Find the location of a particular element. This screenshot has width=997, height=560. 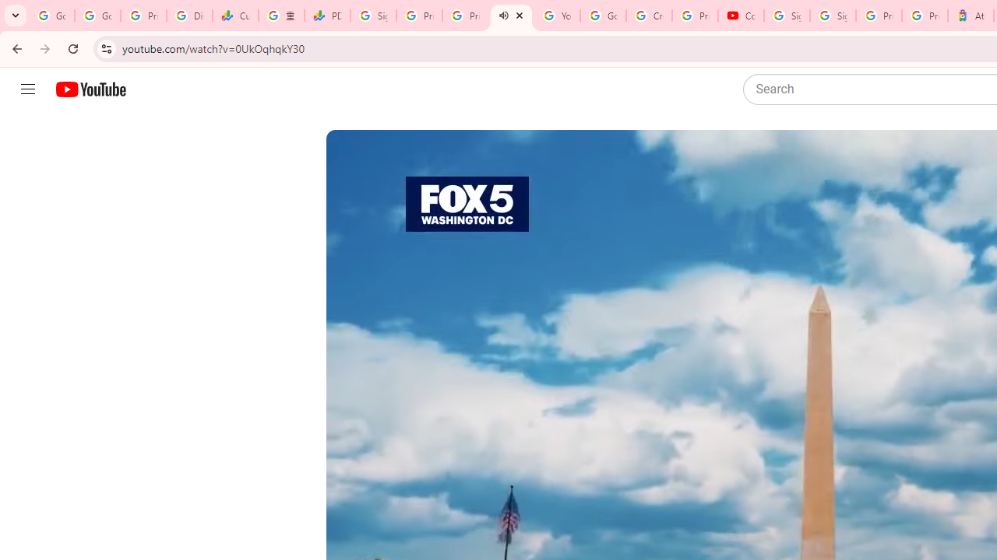

'Guide' is located at coordinates (27, 89).